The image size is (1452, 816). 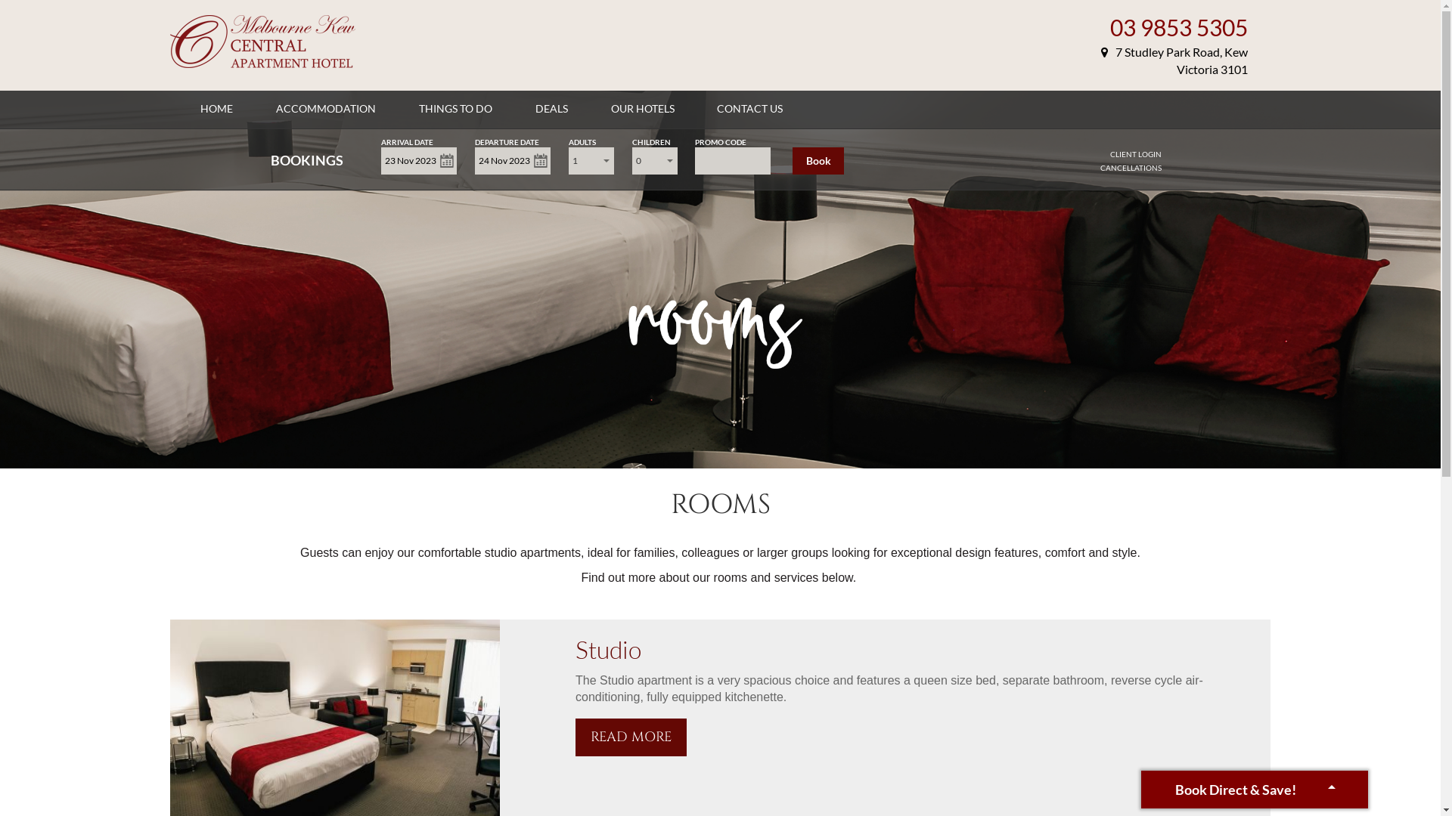 What do you see at coordinates (817, 160) in the screenshot?
I see `'Book'` at bounding box center [817, 160].